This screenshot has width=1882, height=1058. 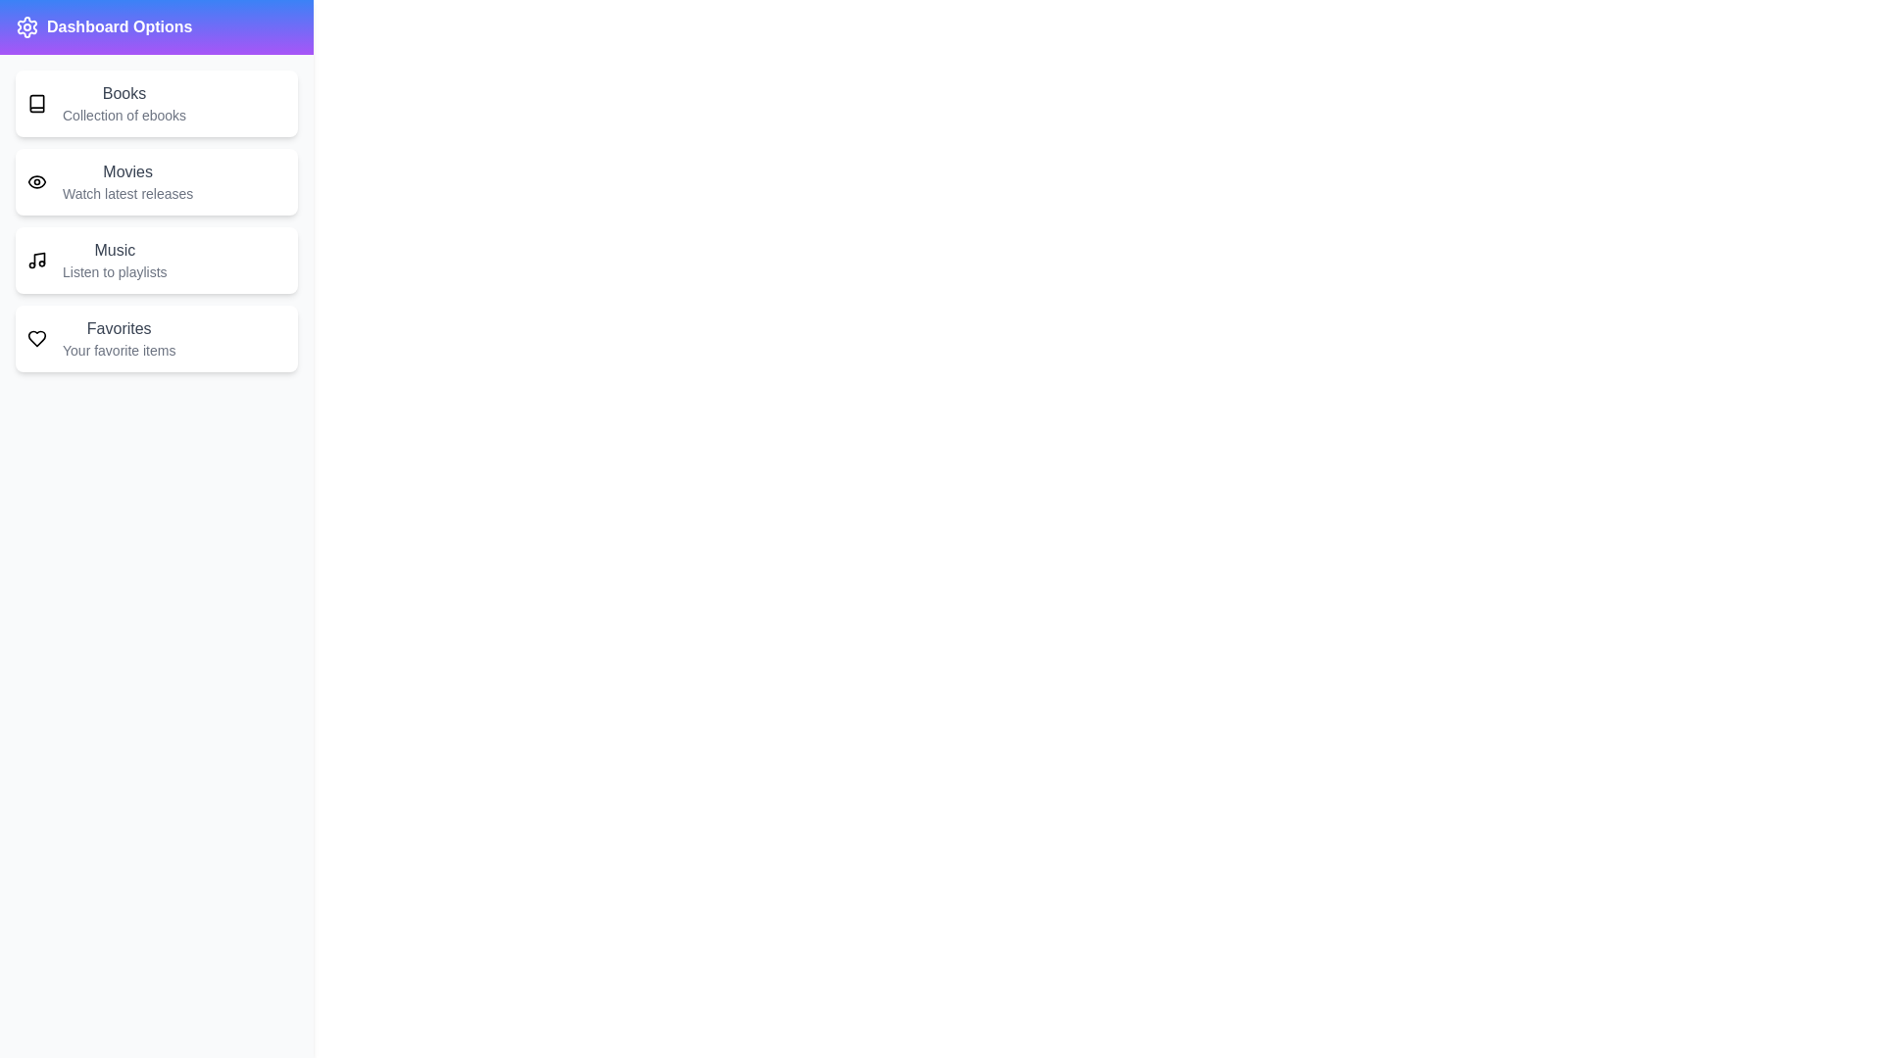 I want to click on the menu item labeled 'Favorites' to observe its hover effect, so click(x=155, y=338).